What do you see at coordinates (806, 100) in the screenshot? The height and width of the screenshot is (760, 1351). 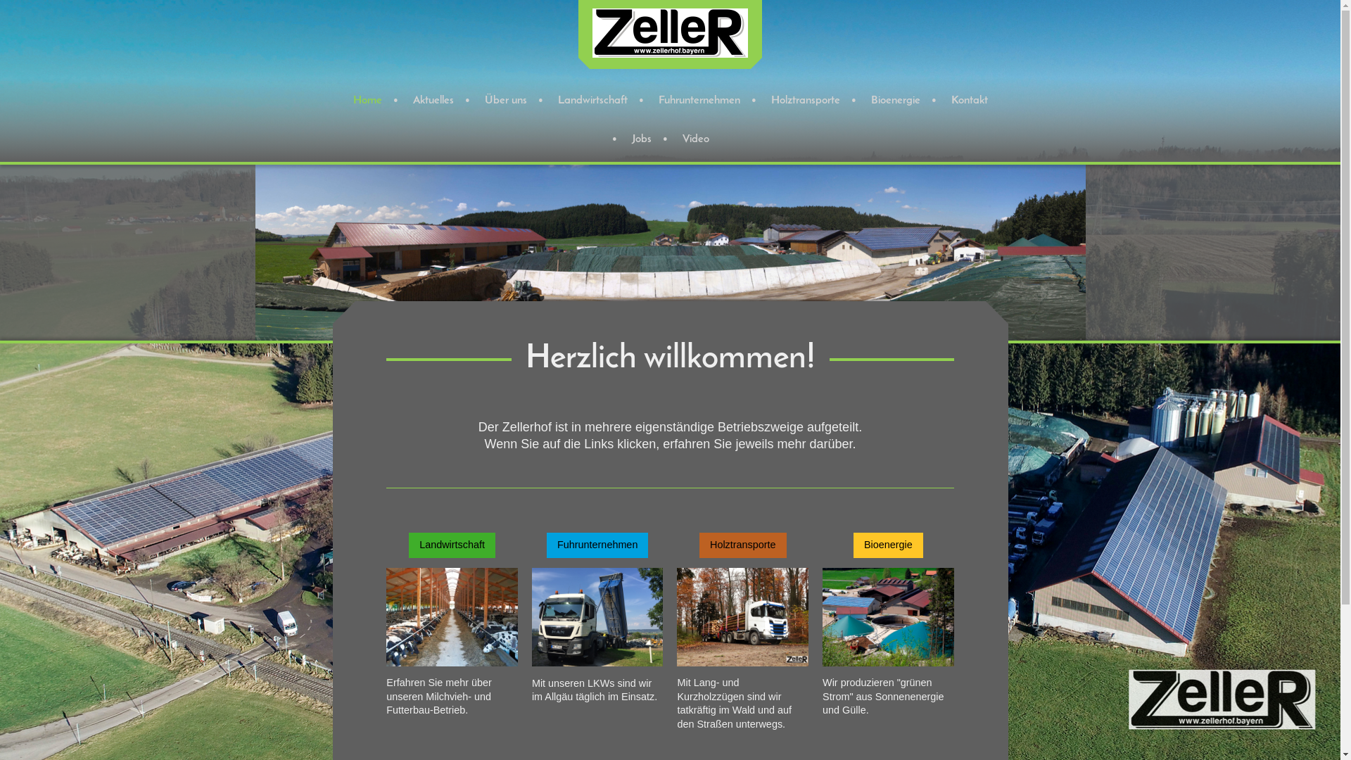 I see `'Holztransporte'` at bounding box center [806, 100].